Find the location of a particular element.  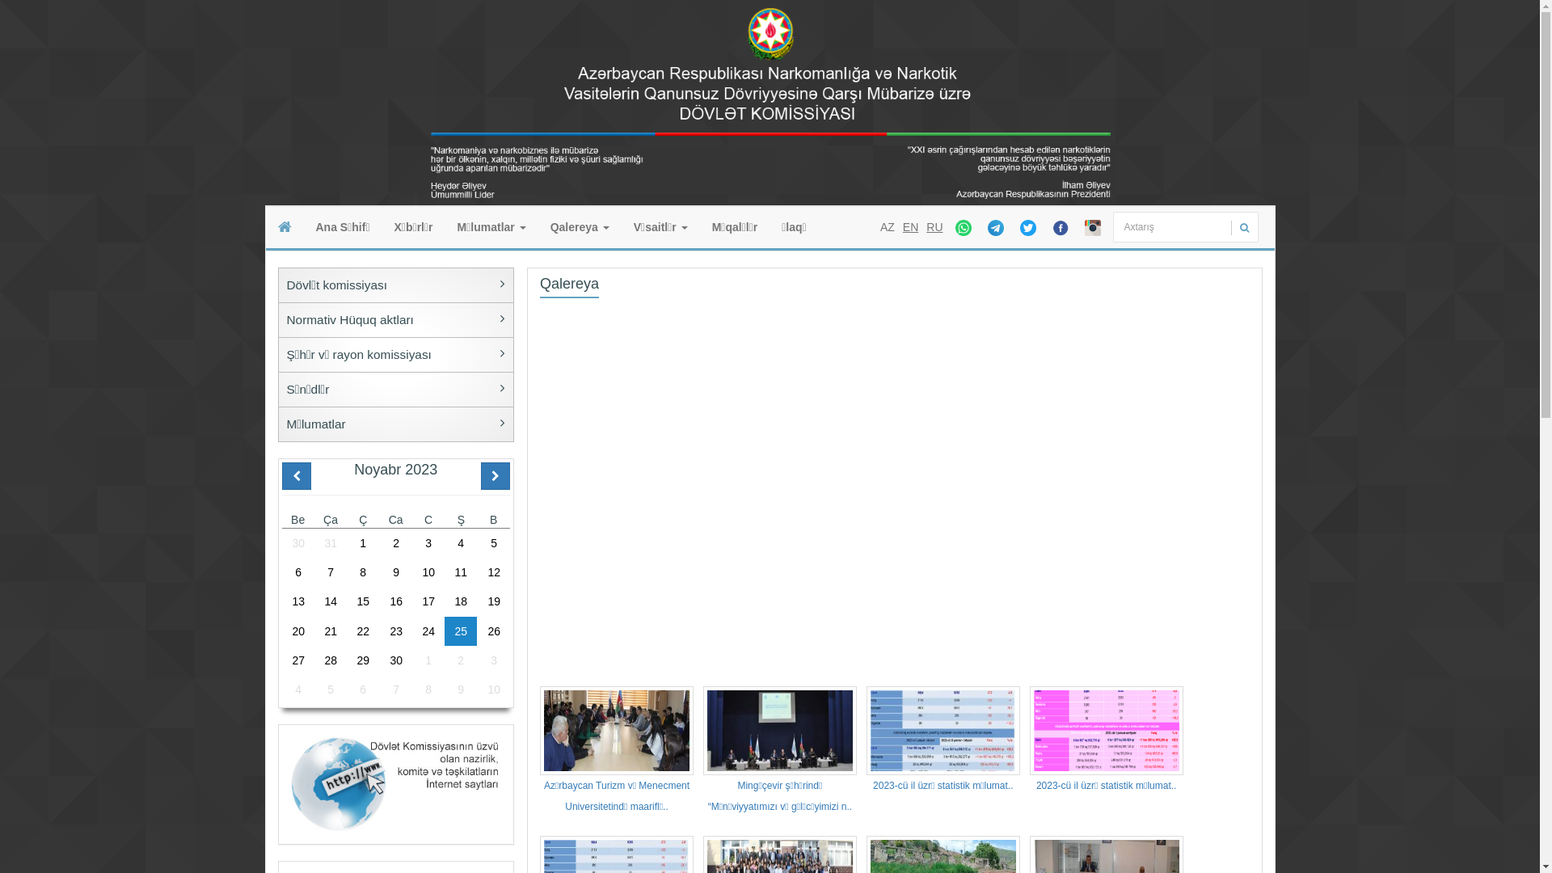

'26' is located at coordinates (476, 630).